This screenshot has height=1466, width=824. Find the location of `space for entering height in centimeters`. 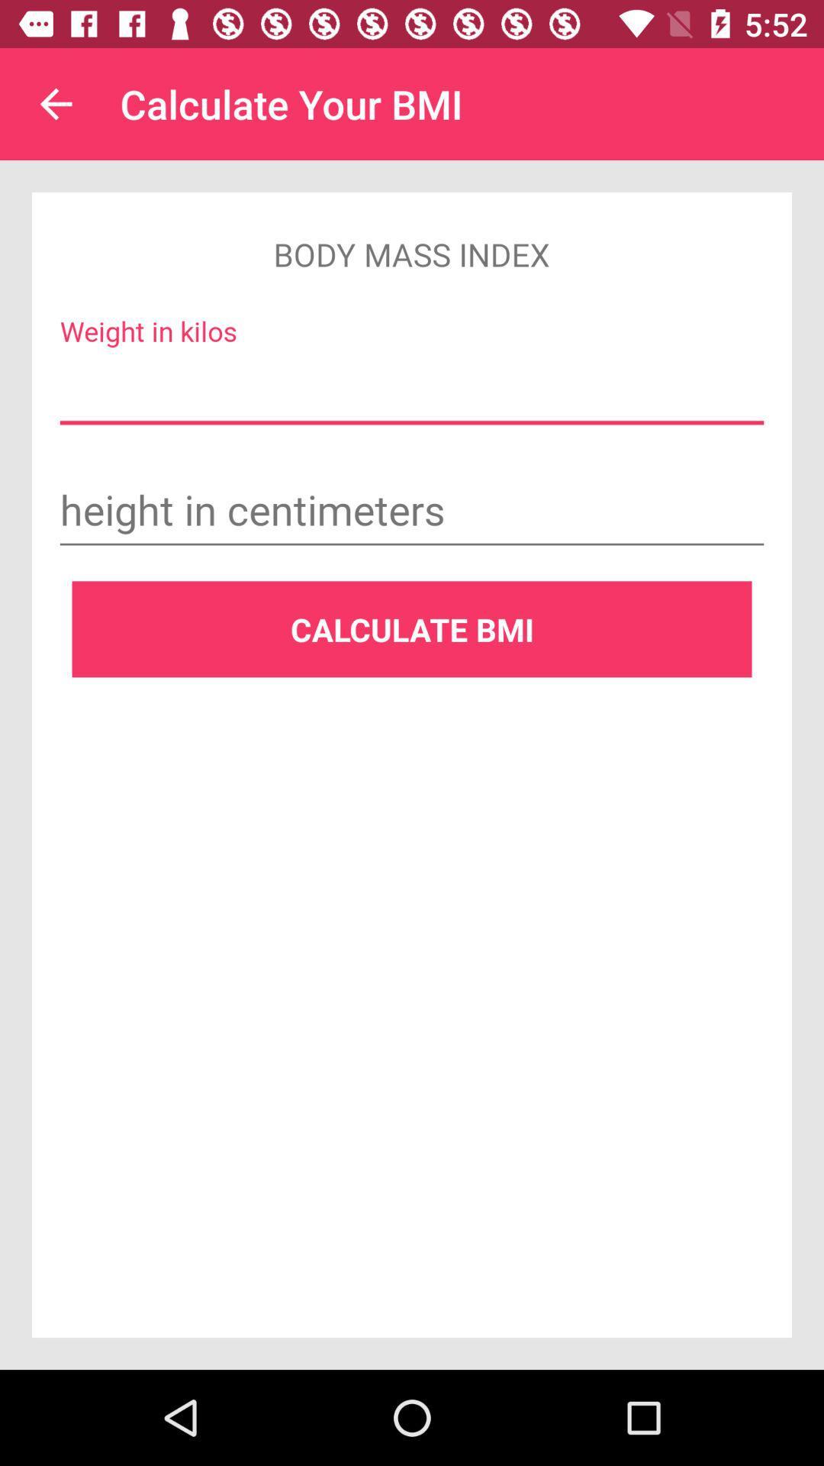

space for entering height in centimeters is located at coordinates (412, 512).